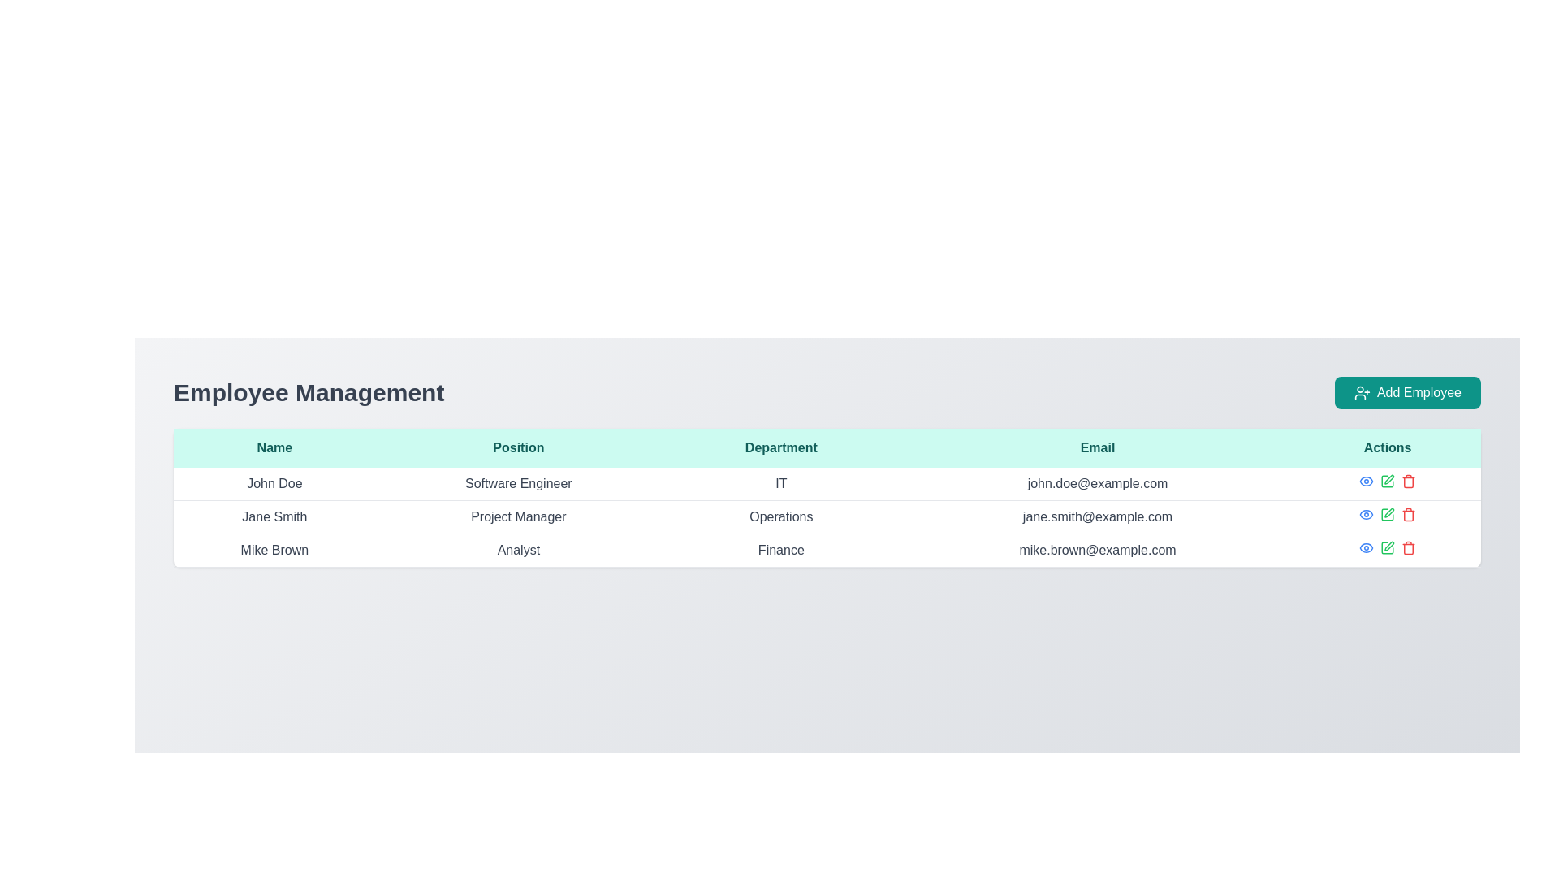 Image resolution: width=1559 pixels, height=877 pixels. I want to click on the text label displaying the employee's name 'Jane Smith' in the second row of the employee information table under the 'Name' column, so click(274, 516).